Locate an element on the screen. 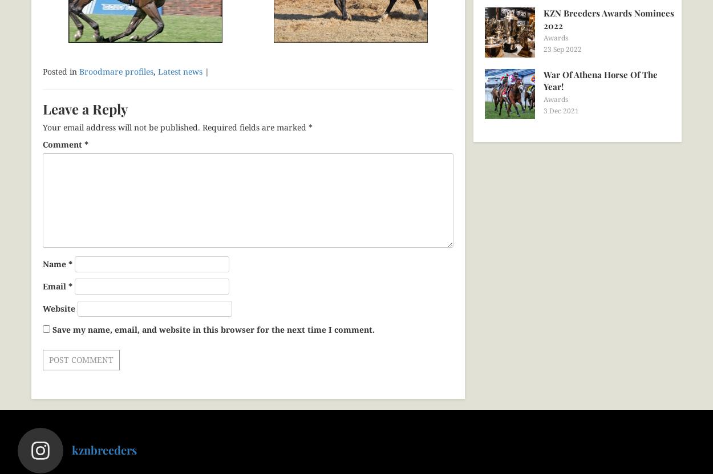  'Leave a Reply' is located at coordinates (85, 108).